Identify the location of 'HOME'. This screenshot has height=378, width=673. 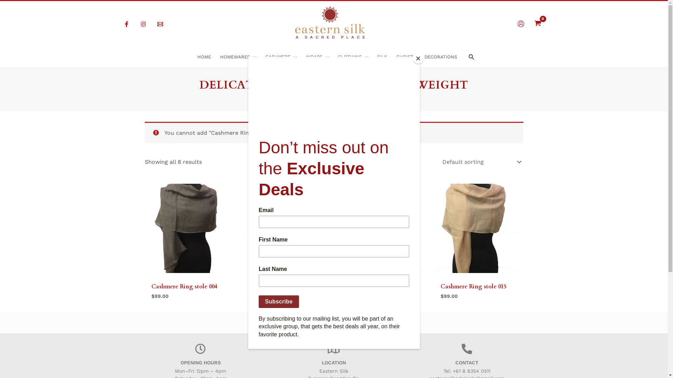
(204, 56).